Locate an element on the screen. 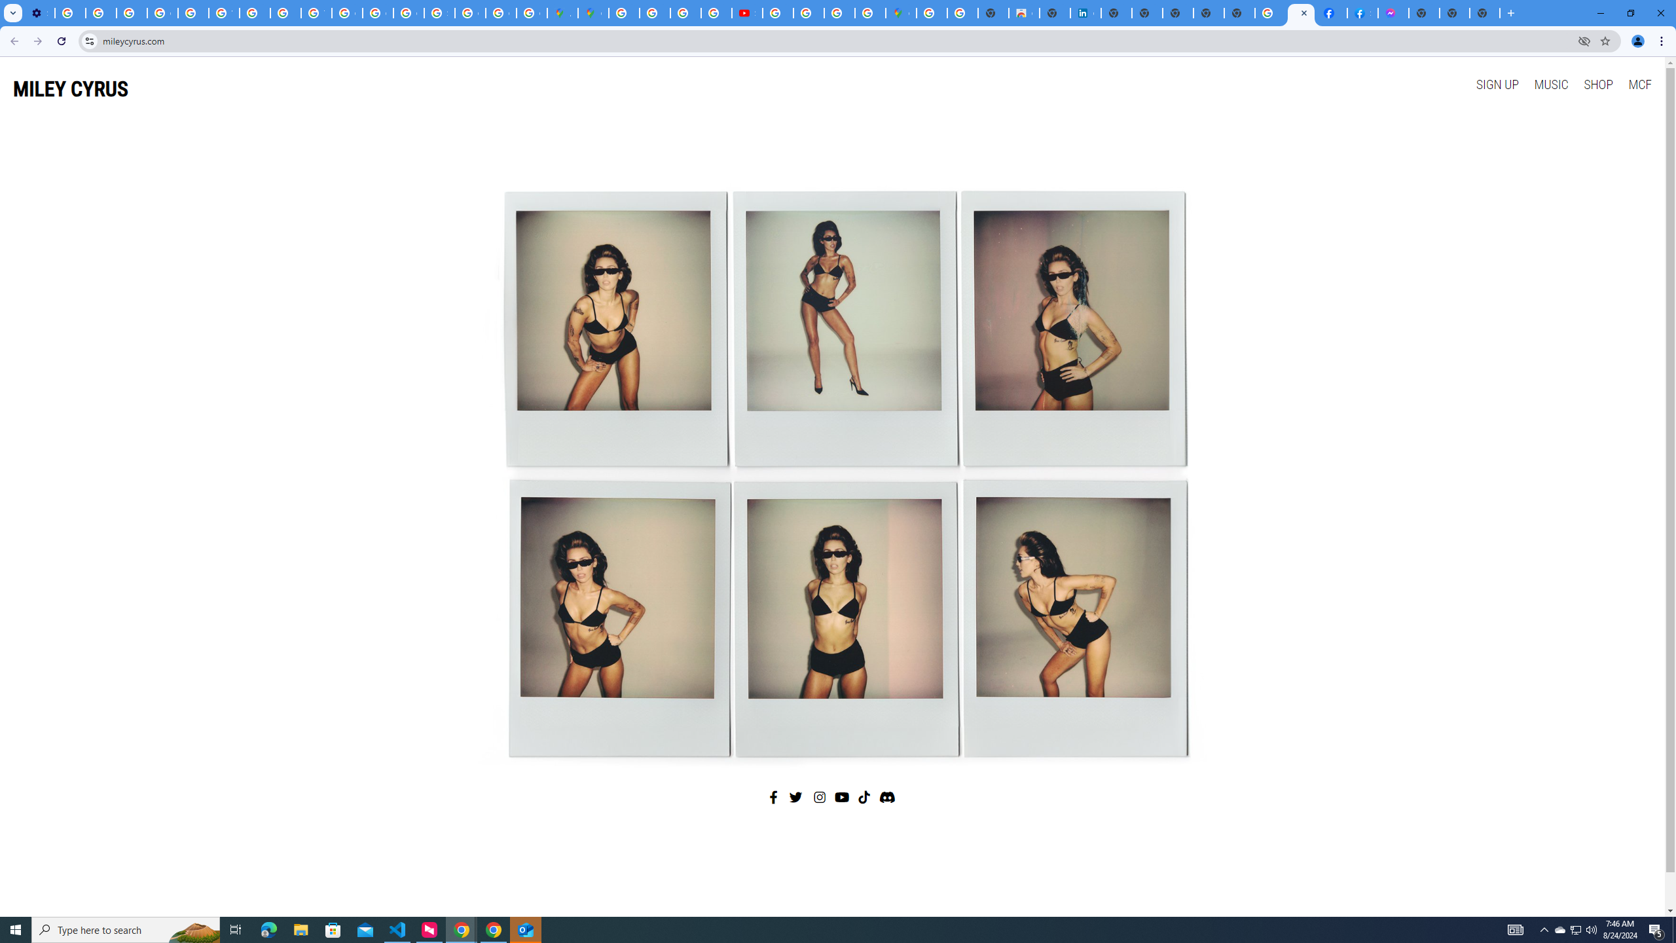 The height and width of the screenshot is (943, 1676). 'Subscriptions - YouTube' is located at coordinates (747, 12).